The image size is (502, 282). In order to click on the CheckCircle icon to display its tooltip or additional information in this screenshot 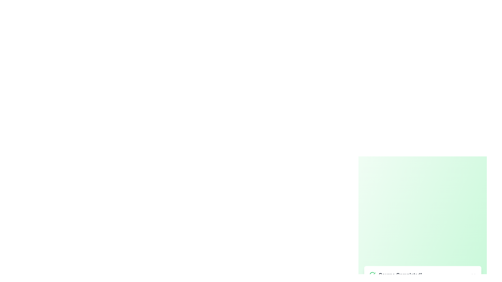, I will do `click(372, 275)`.